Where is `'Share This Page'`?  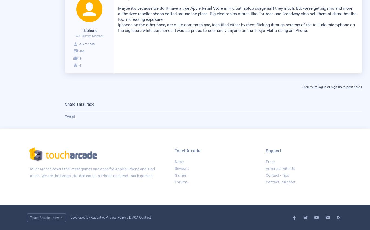
'Share This Page' is located at coordinates (65, 104).